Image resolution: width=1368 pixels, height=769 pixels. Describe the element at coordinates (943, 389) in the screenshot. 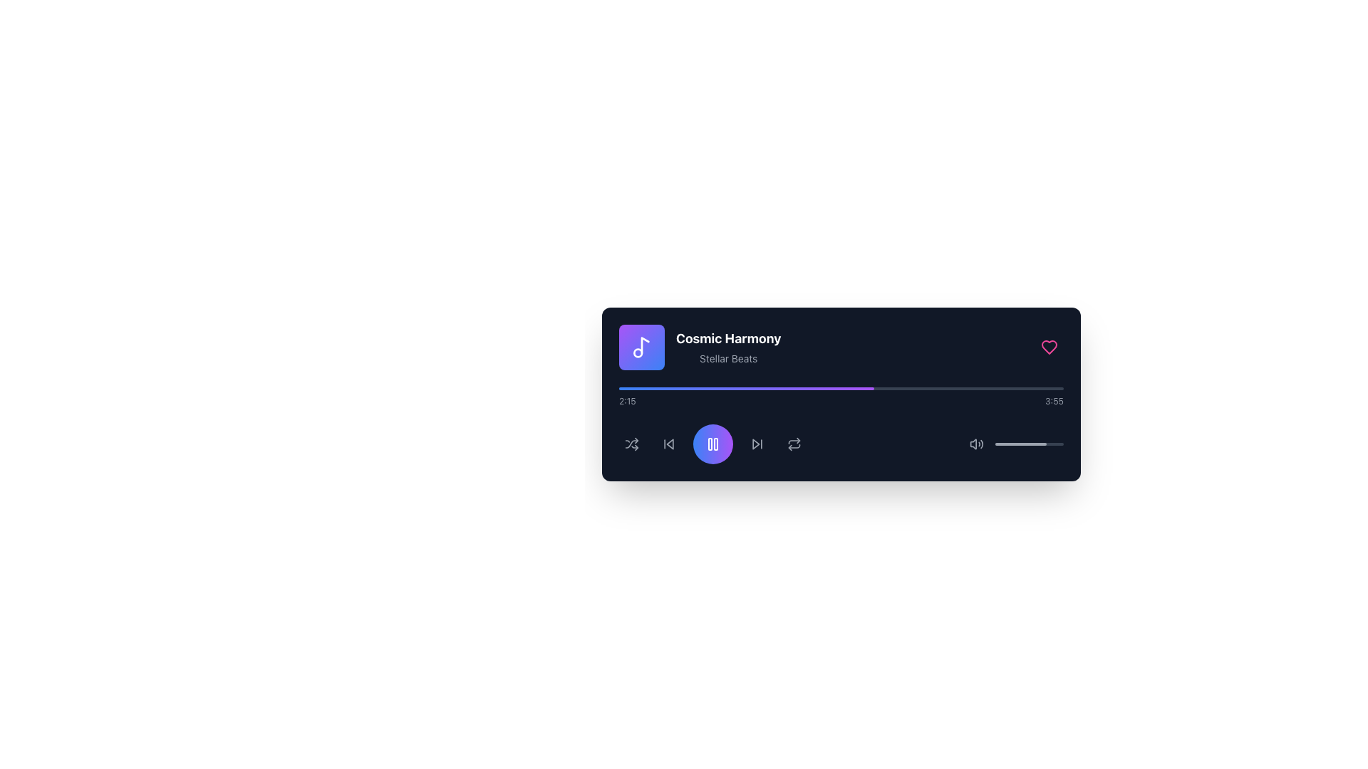

I see `playback time` at that location.